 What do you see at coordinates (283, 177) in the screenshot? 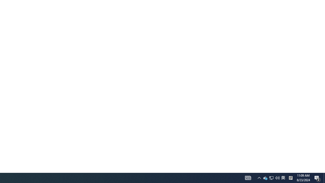
I see `'User Promoted Notification Area'` at bounding box center [283, 177].